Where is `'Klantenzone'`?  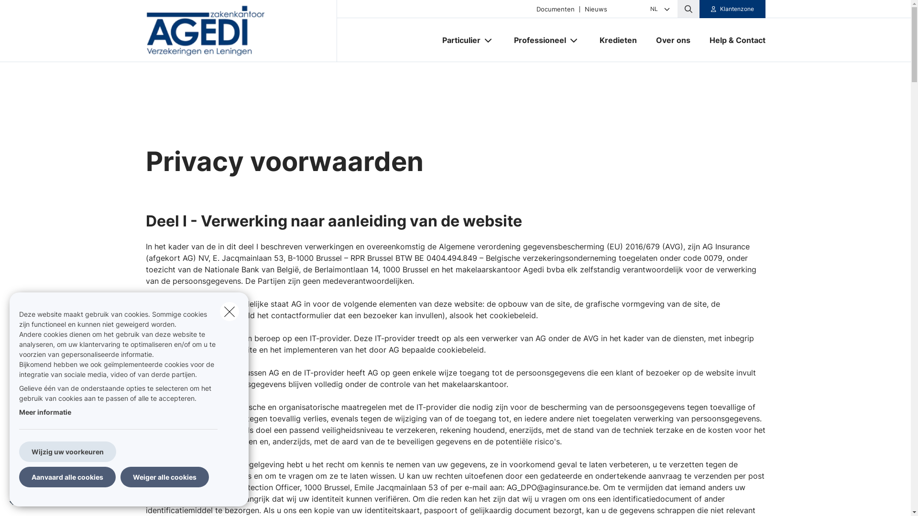 'Klantenzone' is located at coordinates (699, 9).